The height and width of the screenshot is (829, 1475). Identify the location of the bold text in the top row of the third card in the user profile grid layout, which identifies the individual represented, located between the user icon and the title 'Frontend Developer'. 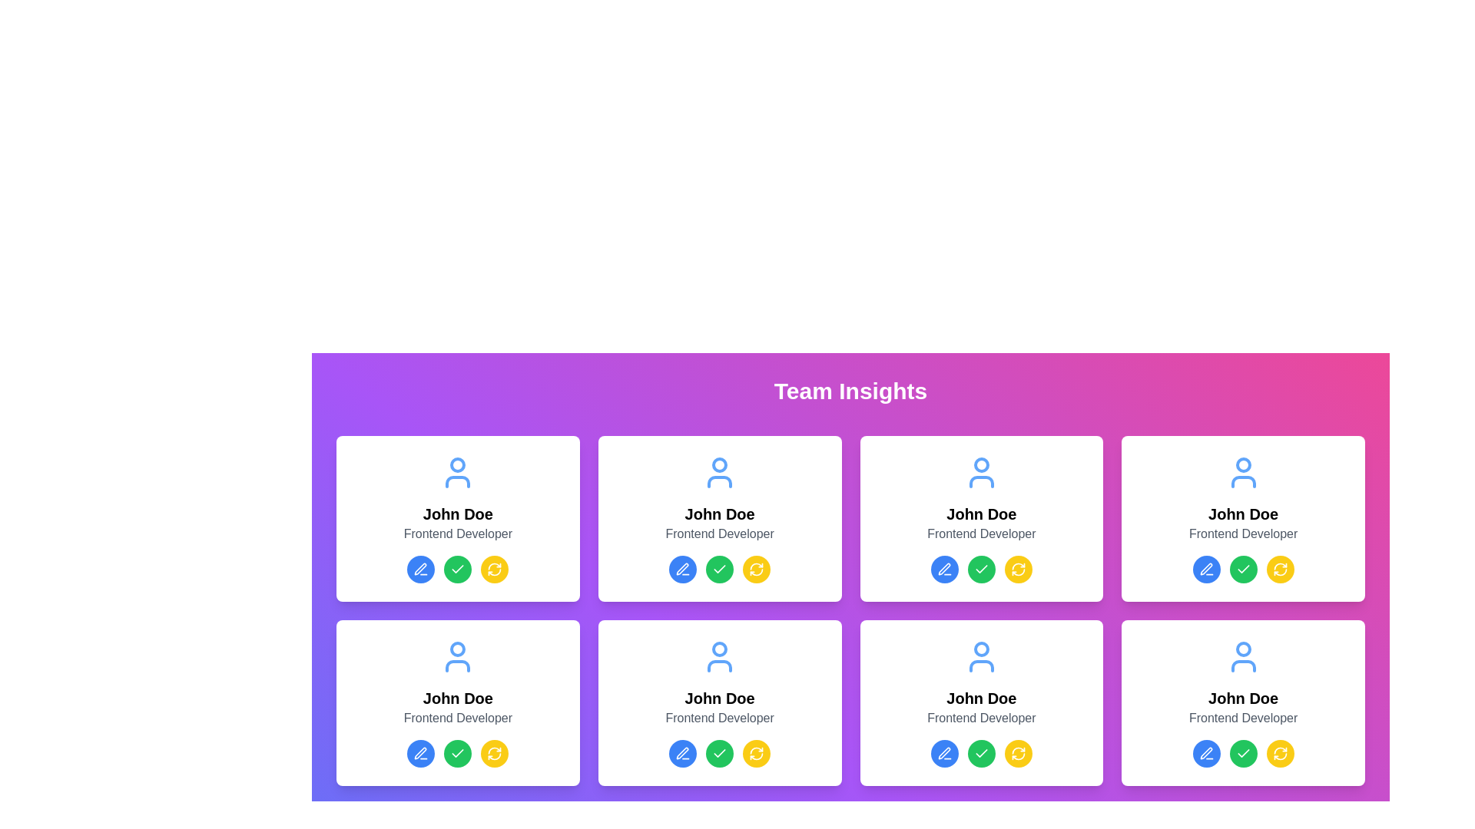
(1243, 514).